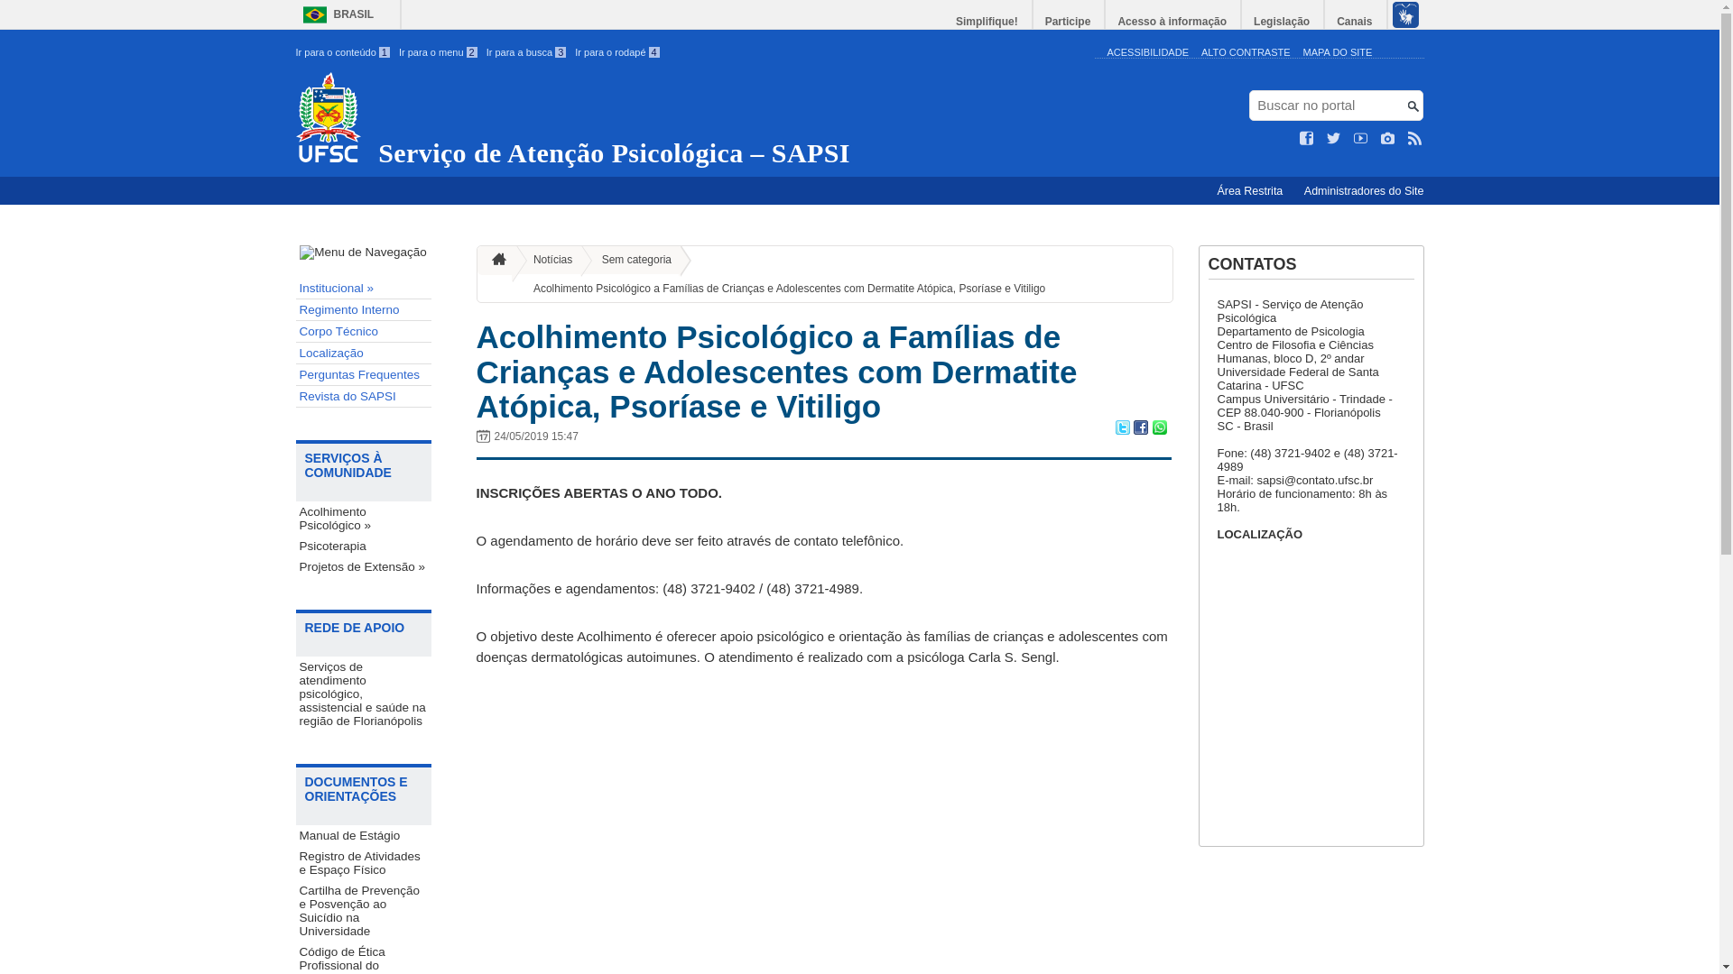 The height and width of the screenshot is (974, 1733). What do you see at coordinates (363, 308) in the screenshot?
I see `'Regimento Interno'` at bounding box center [363, 308].